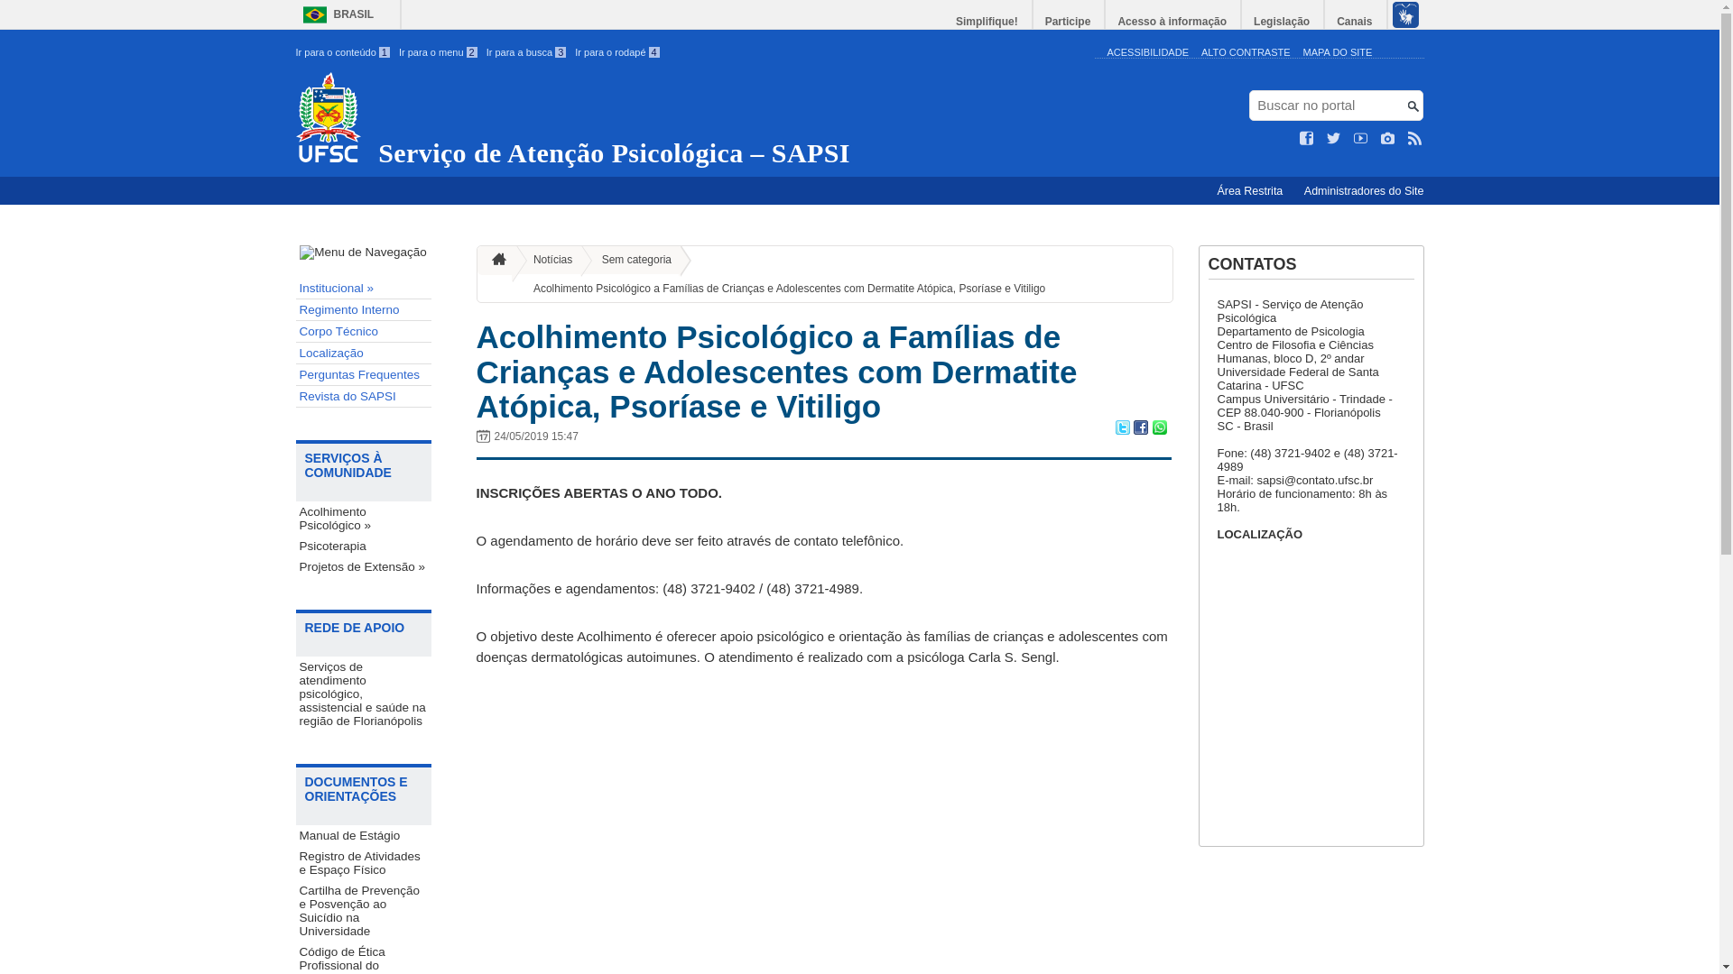 The height and width of the screenshot is (974, 1733). What do you see at coordinates (363, 308) in the screenshot?
I see `'Regimento Interno'` at bounding box center [363, 308].